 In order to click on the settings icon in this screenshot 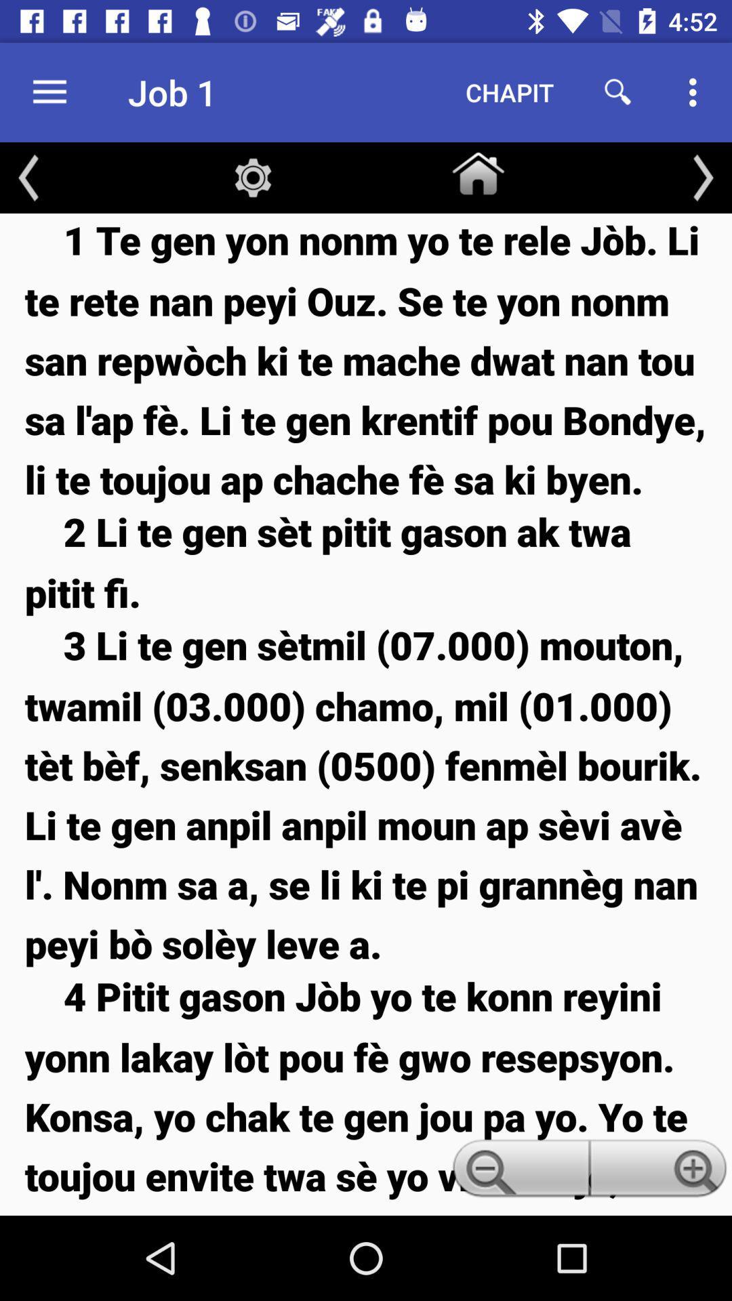, I will do `click(253, 177)`.